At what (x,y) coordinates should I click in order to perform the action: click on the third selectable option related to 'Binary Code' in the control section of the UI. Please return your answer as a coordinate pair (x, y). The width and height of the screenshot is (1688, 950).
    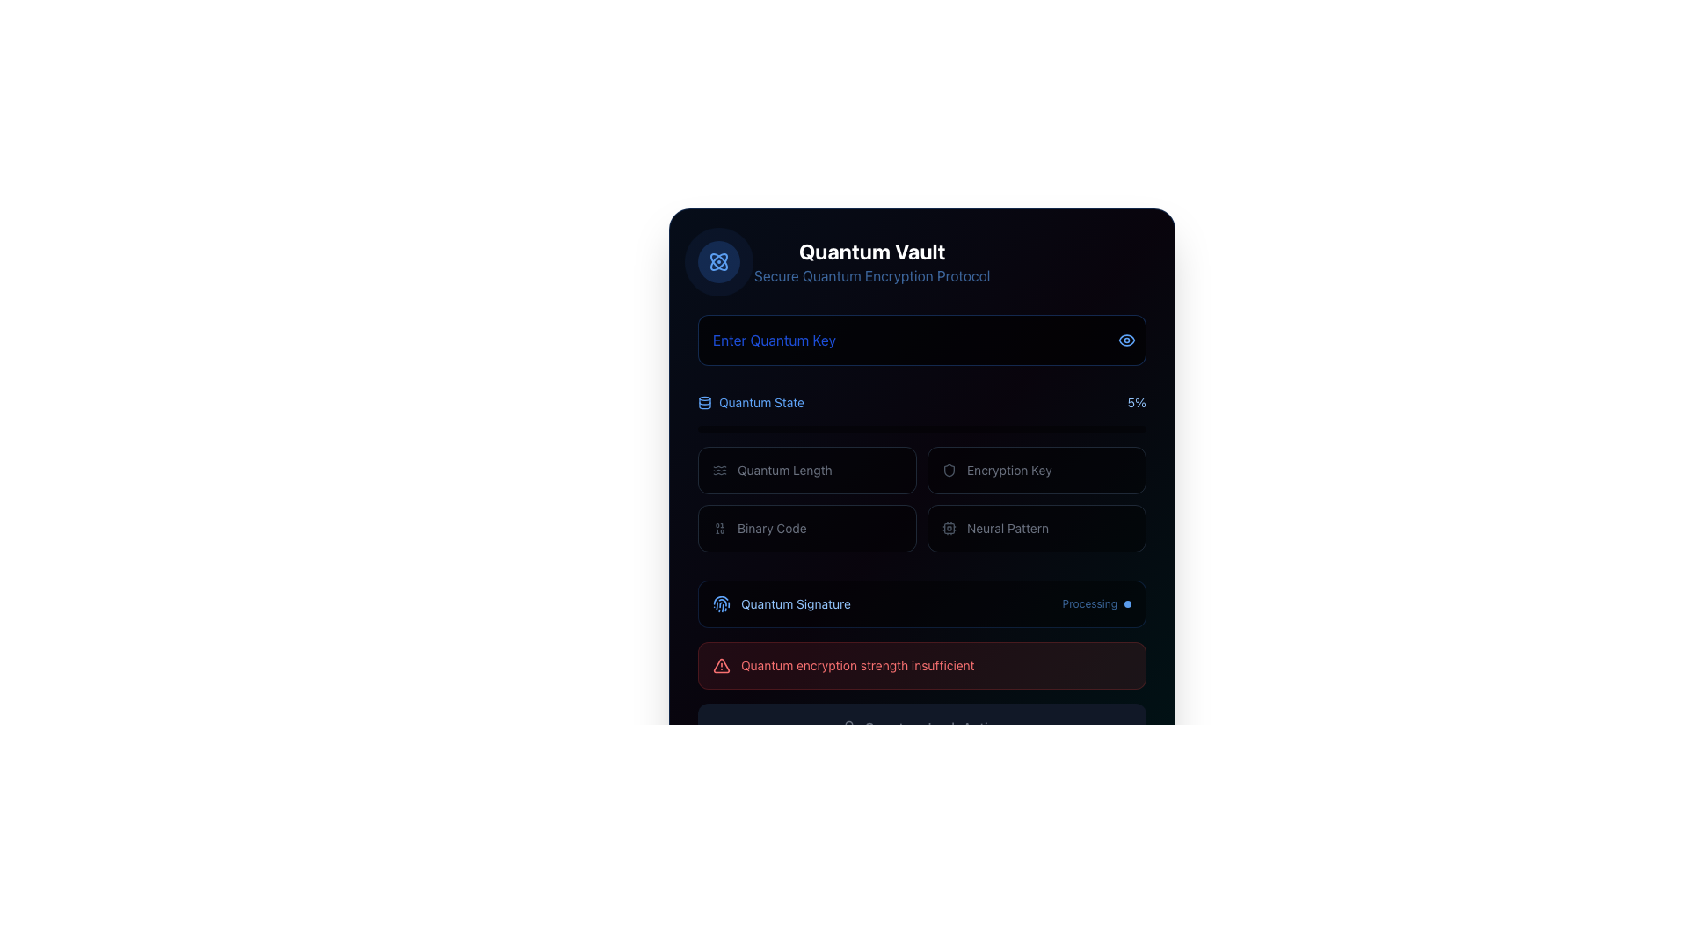
    Looking at the image, I should click on (806, 528).